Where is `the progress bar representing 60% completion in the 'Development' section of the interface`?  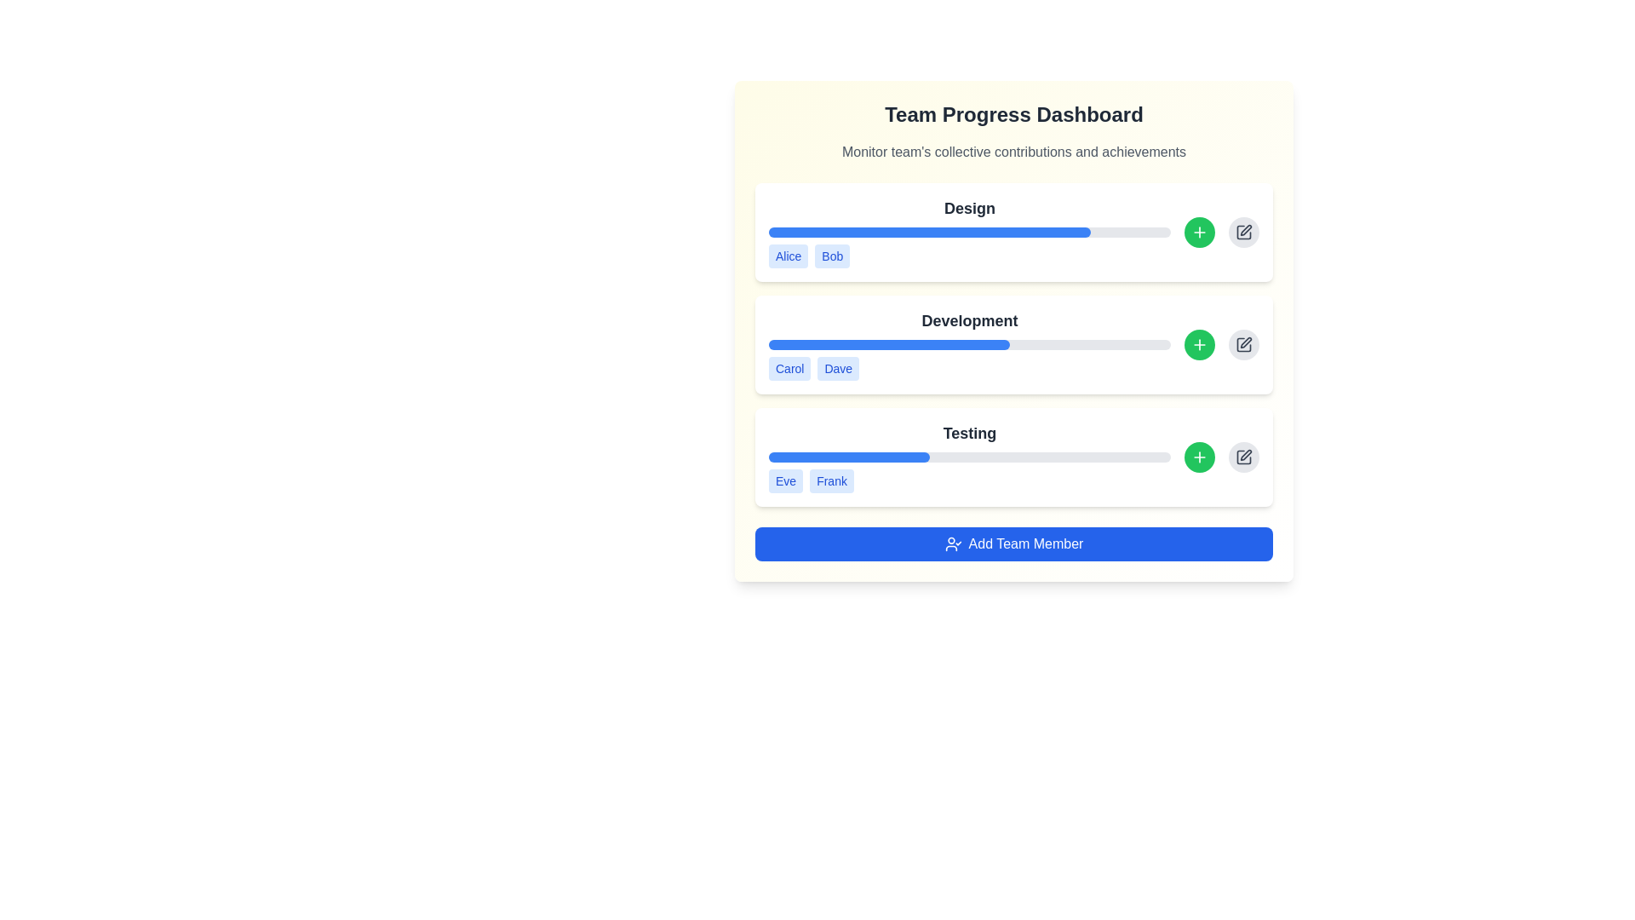
the progress bar representing 60% completion in the 'Development' section of the interface is located at coordinates (969, 345).